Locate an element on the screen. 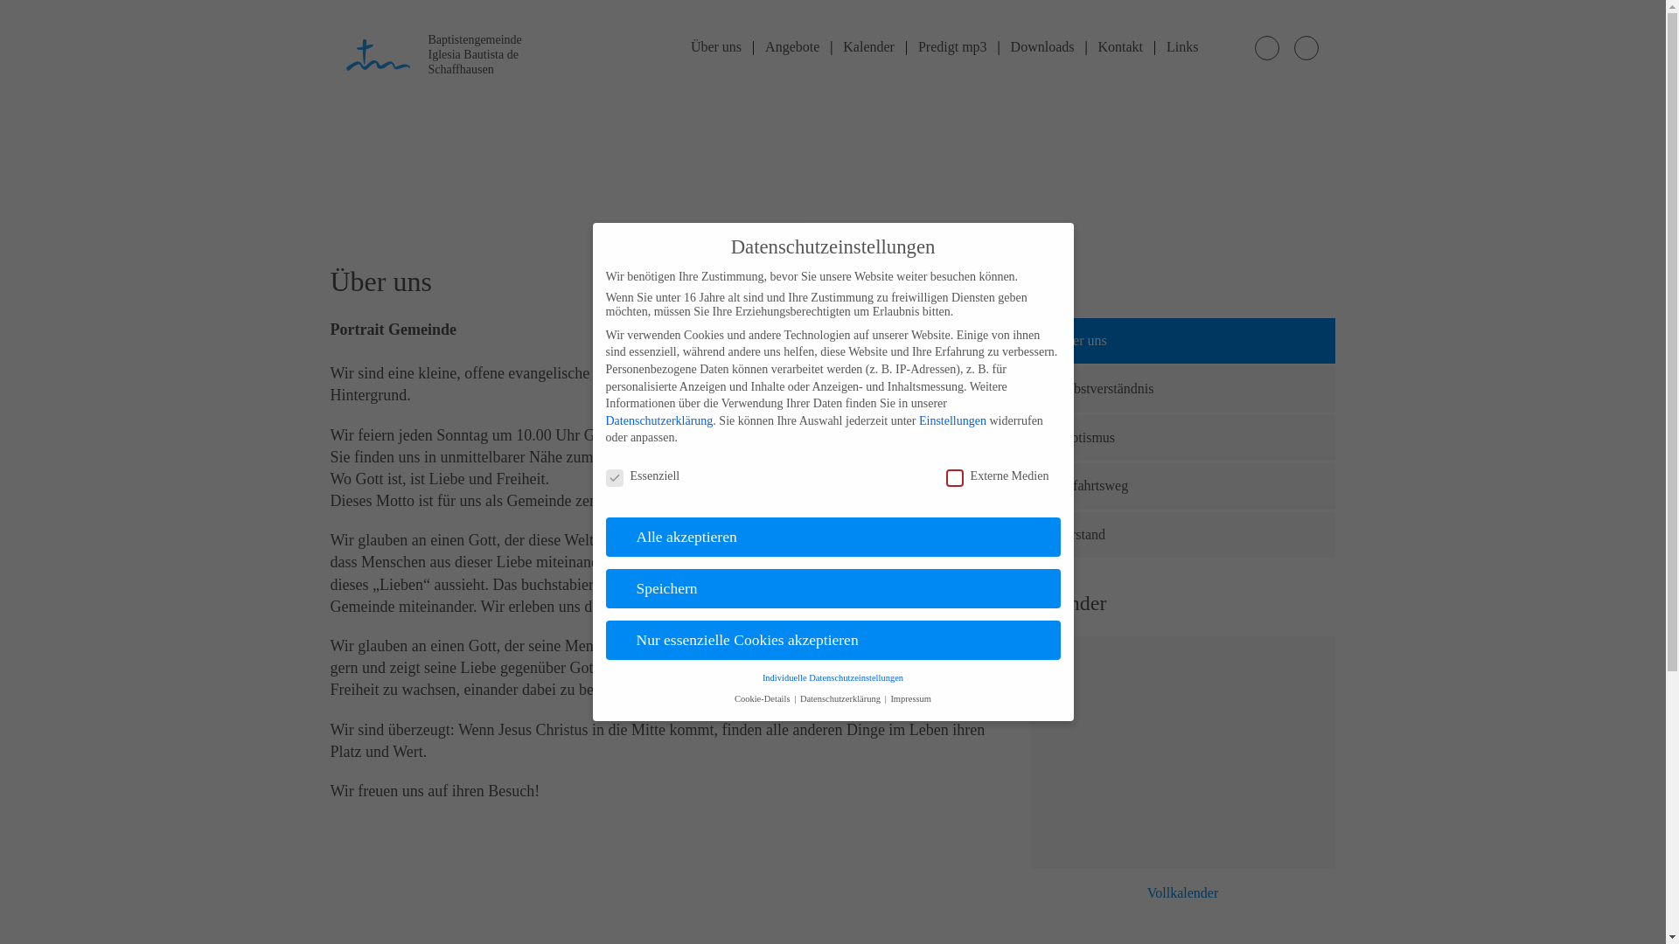  'Downloads' is located at coordinates (1042, 45).